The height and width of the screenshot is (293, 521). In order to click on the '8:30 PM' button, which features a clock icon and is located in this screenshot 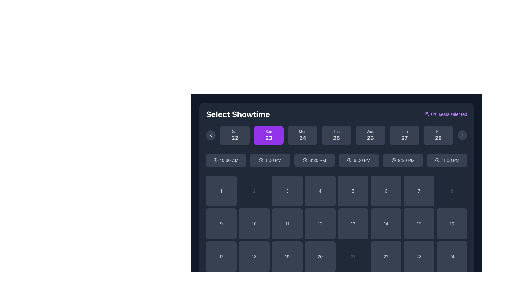, I will do `click(406, 160)`.